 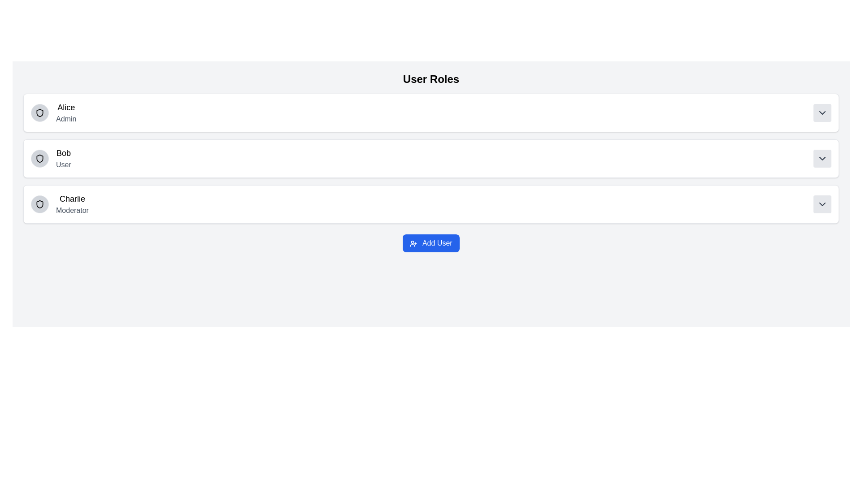 What do you see at coordinates (72, 204) in the screenshot?
I see `text content of the vertically arranged text labels, with 'Charlie' in a bold font above 'Moderator' in a lighter gray font, located on the third row of user roles` at bounding box center [72, 204].